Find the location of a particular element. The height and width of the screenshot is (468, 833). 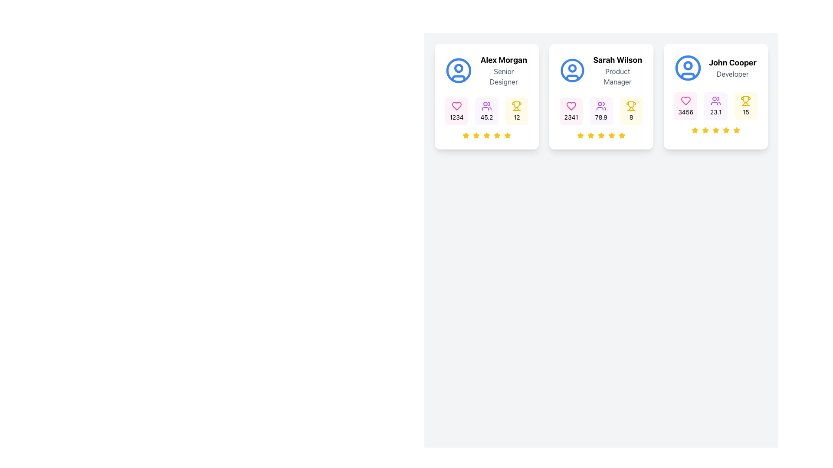

the middle statistic display for 'Alex Morgan' that shows a numerical statistic related to group activity is located at coordinates (487, 111).